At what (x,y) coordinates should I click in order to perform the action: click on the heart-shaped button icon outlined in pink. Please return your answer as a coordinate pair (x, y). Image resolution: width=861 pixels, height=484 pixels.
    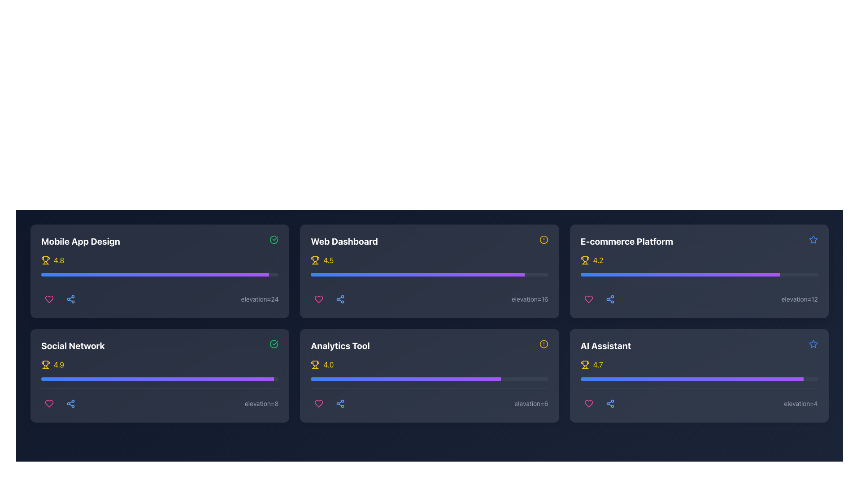
    Looking at the image, I should click on (49, 404).